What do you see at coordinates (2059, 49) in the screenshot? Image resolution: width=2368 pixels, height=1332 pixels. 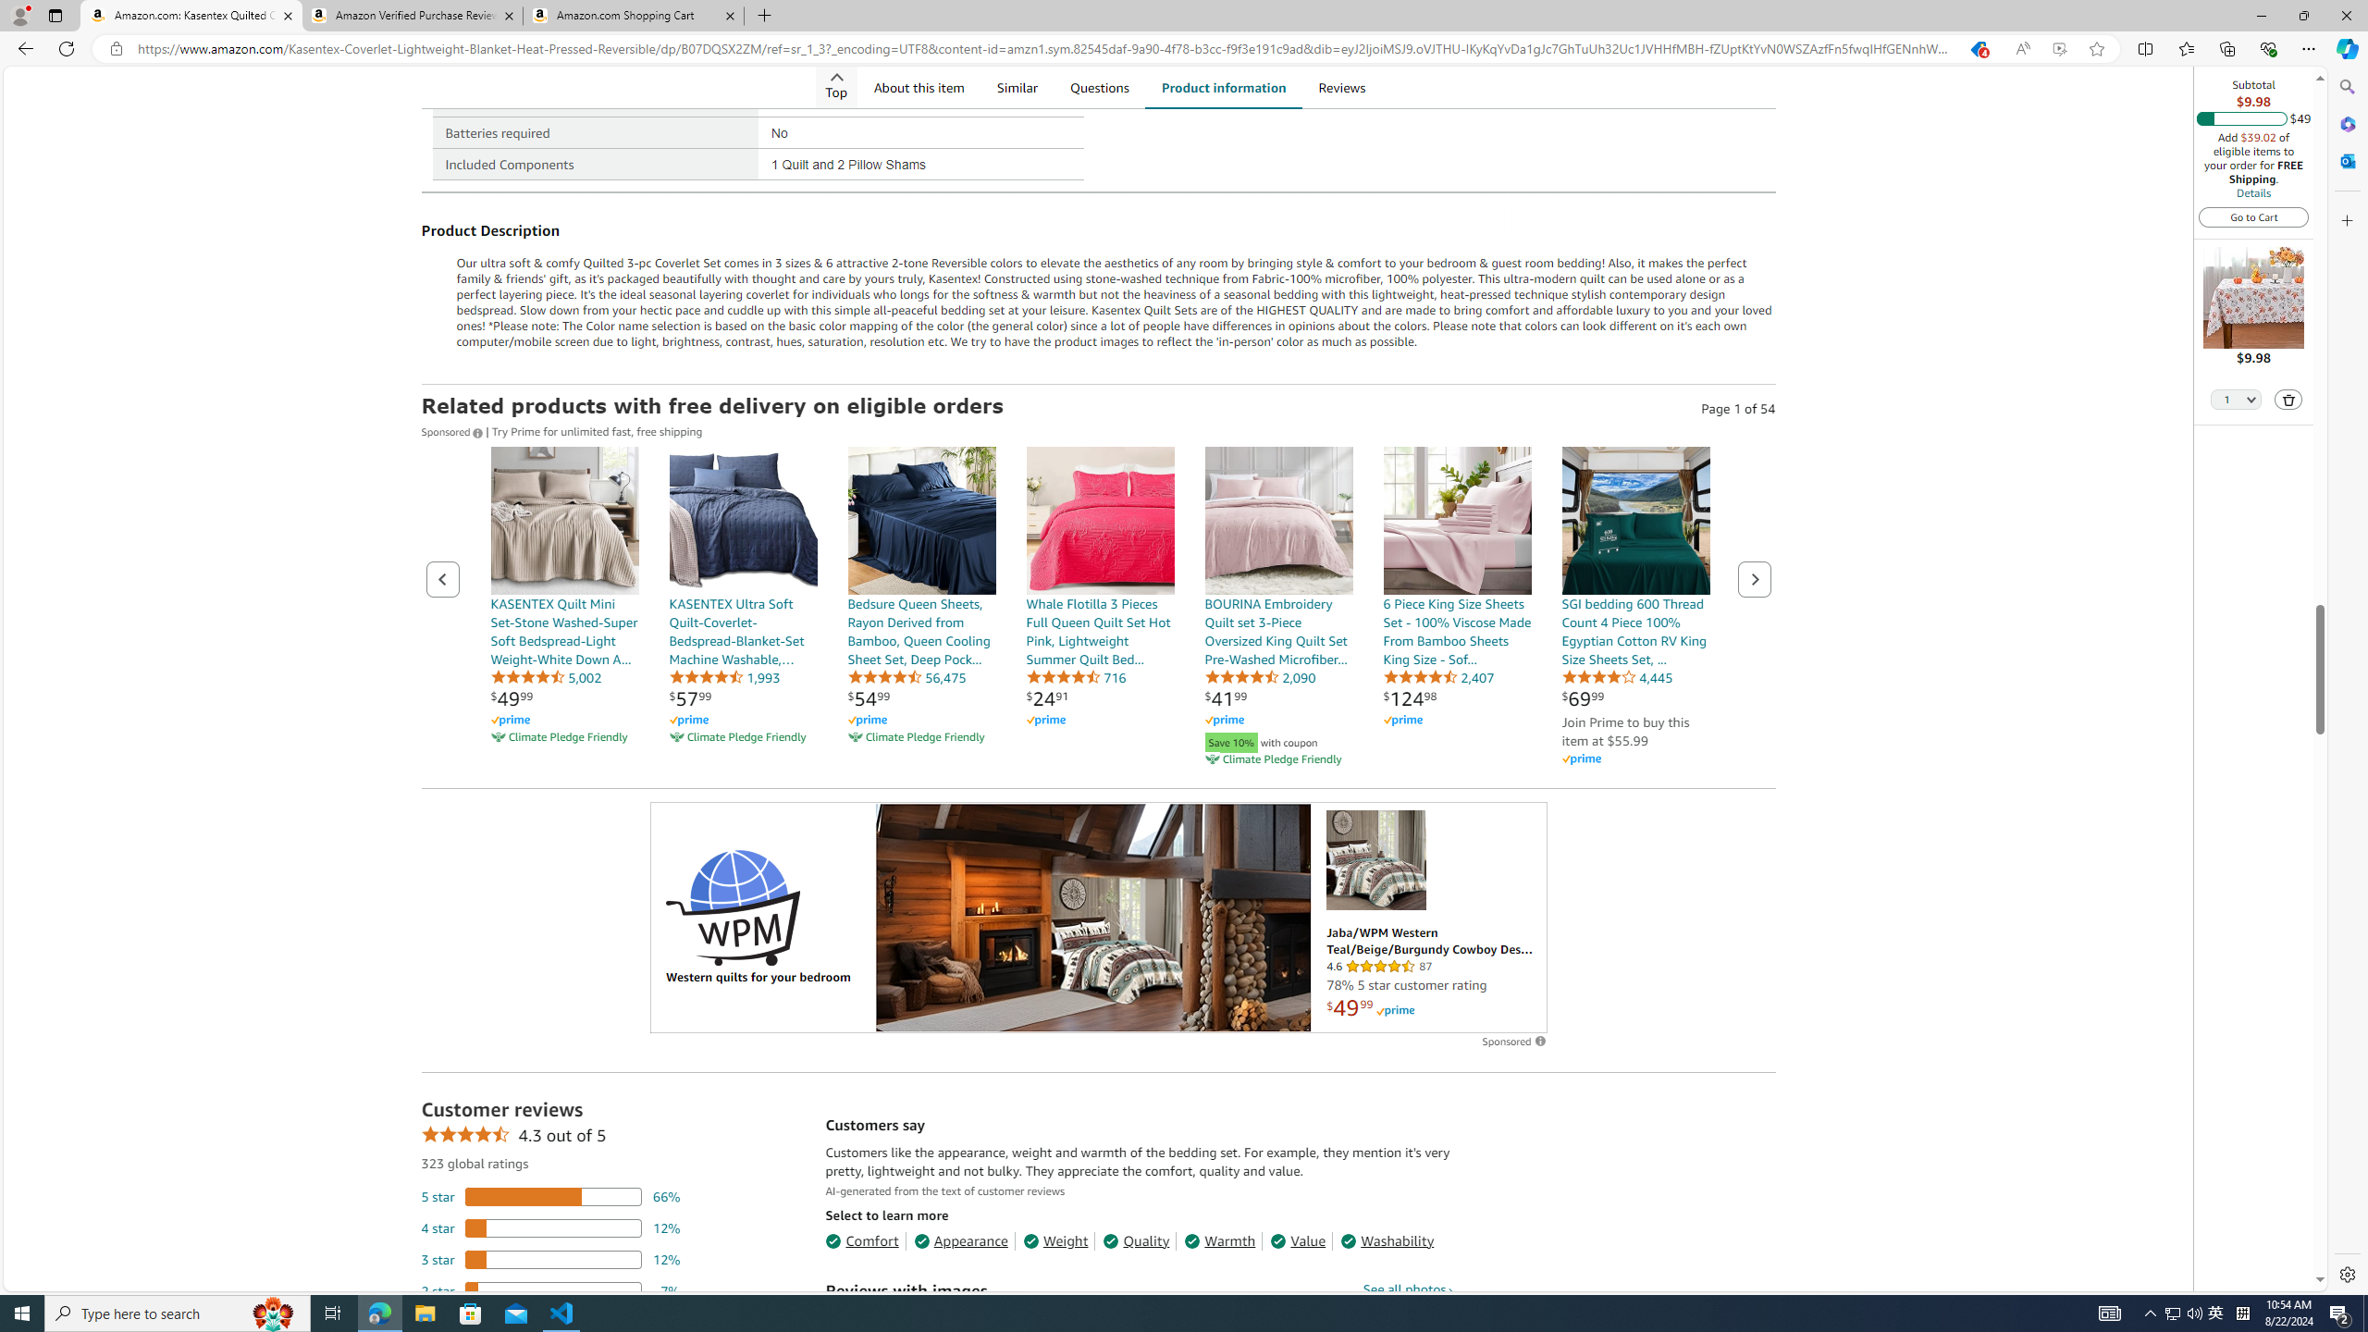 I see `'Enhance video'` at bounding box center [2059, 49].